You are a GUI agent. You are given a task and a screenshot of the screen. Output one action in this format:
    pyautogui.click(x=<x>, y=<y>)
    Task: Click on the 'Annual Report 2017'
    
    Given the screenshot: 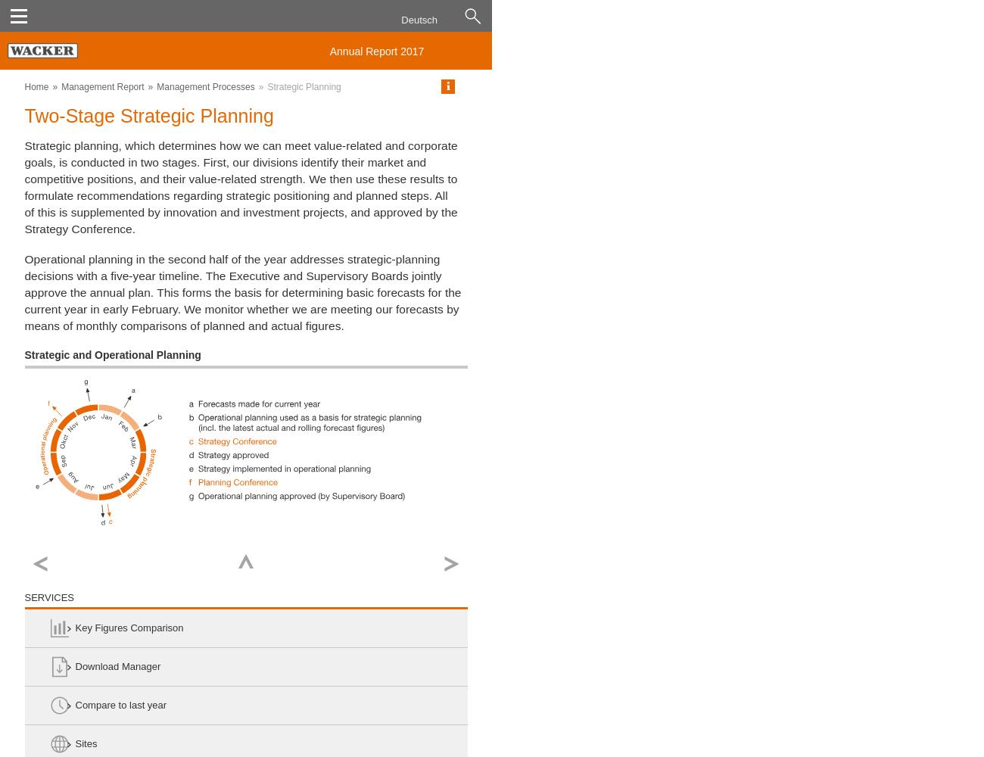 What is the action you would take?
    pyautogui.click(x=376, y=51)
    